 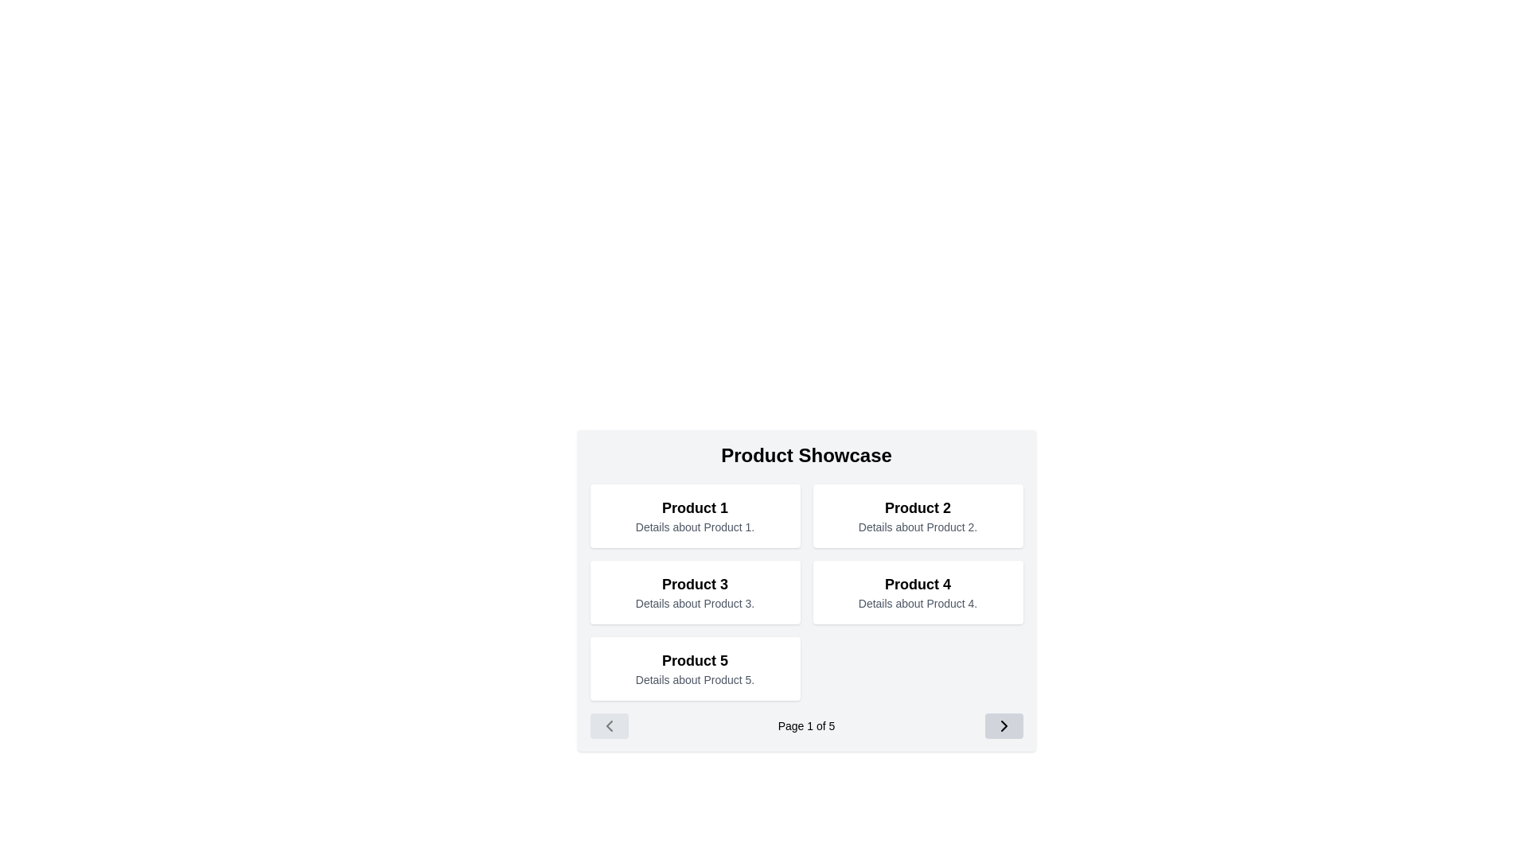 What do you see at coordinates (1003, 726) in the screenshot?
I see `the icon located in the bottom-right portion of the interface, which is used to navigate to the next page or section of the content` at bounding box center [1003, 726].